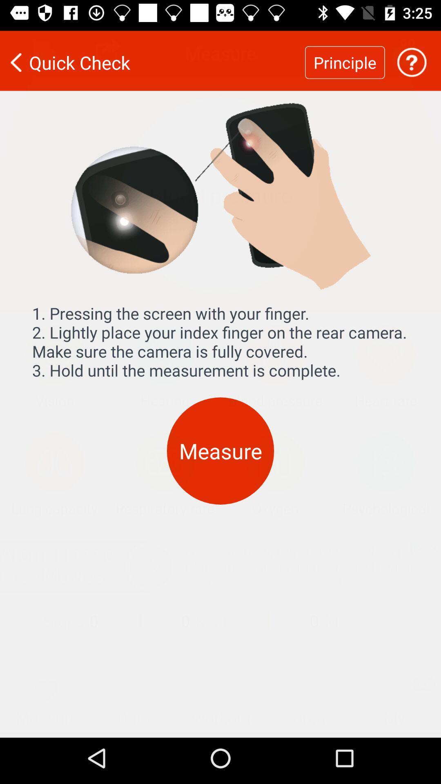 The width and height of the screenshot is (441, 784). Describe the element at coordinates (152, 57) in the screenshot. I see `the item to the left of principle` at that location.